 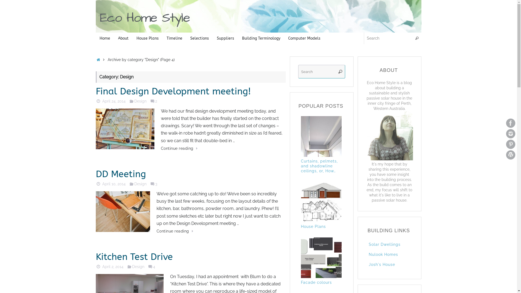 What do you see at coordinates (131, 183) in the screenshot?
I see `'Categories'` at bounding box center [131, 183].